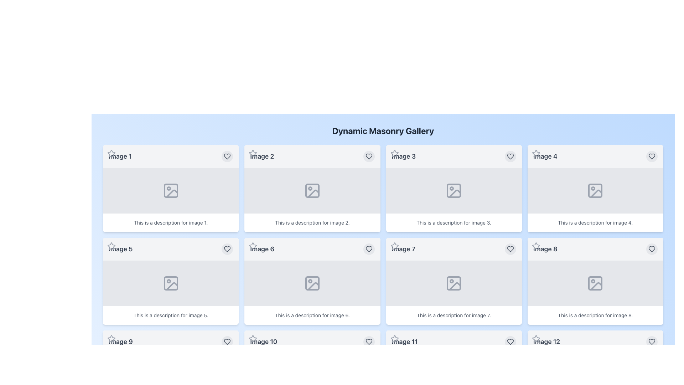 The width and height of the screenshot is (684, 385). I want to click on the Star icon located at the top-left corner of the card labeled 'Image 9', so click(111, 338).